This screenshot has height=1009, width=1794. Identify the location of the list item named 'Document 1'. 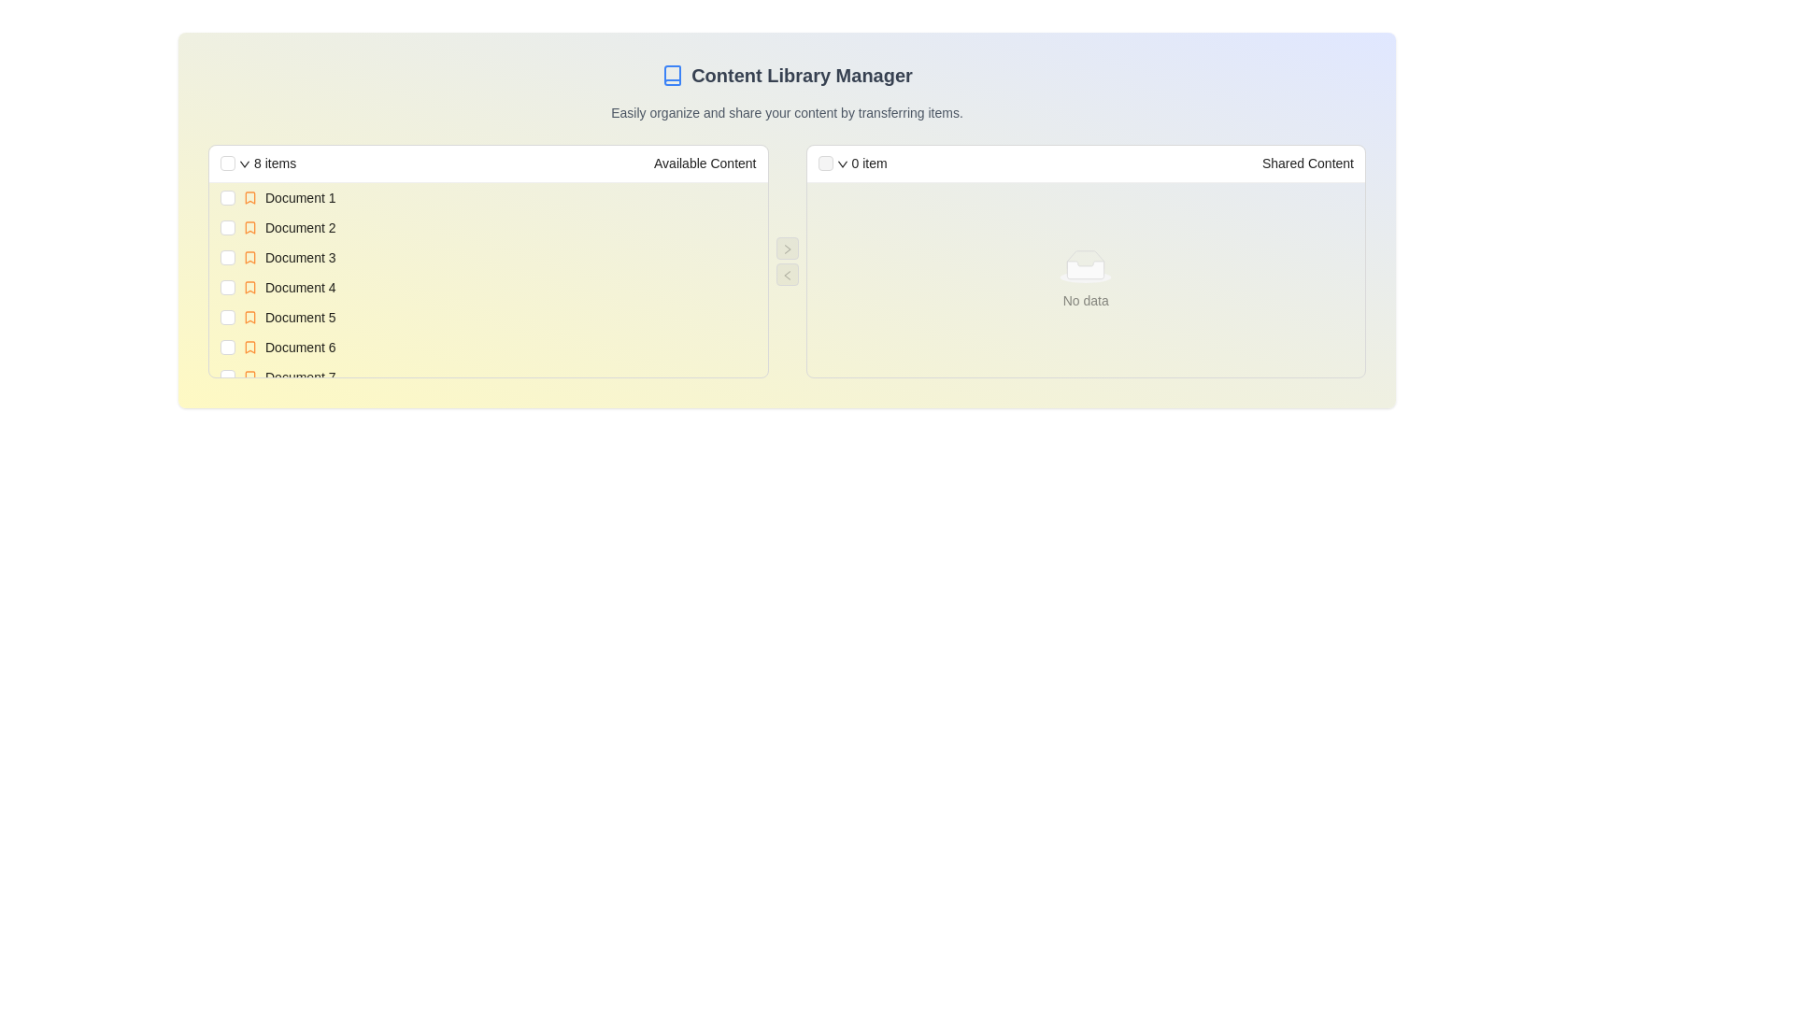
(499, 198).